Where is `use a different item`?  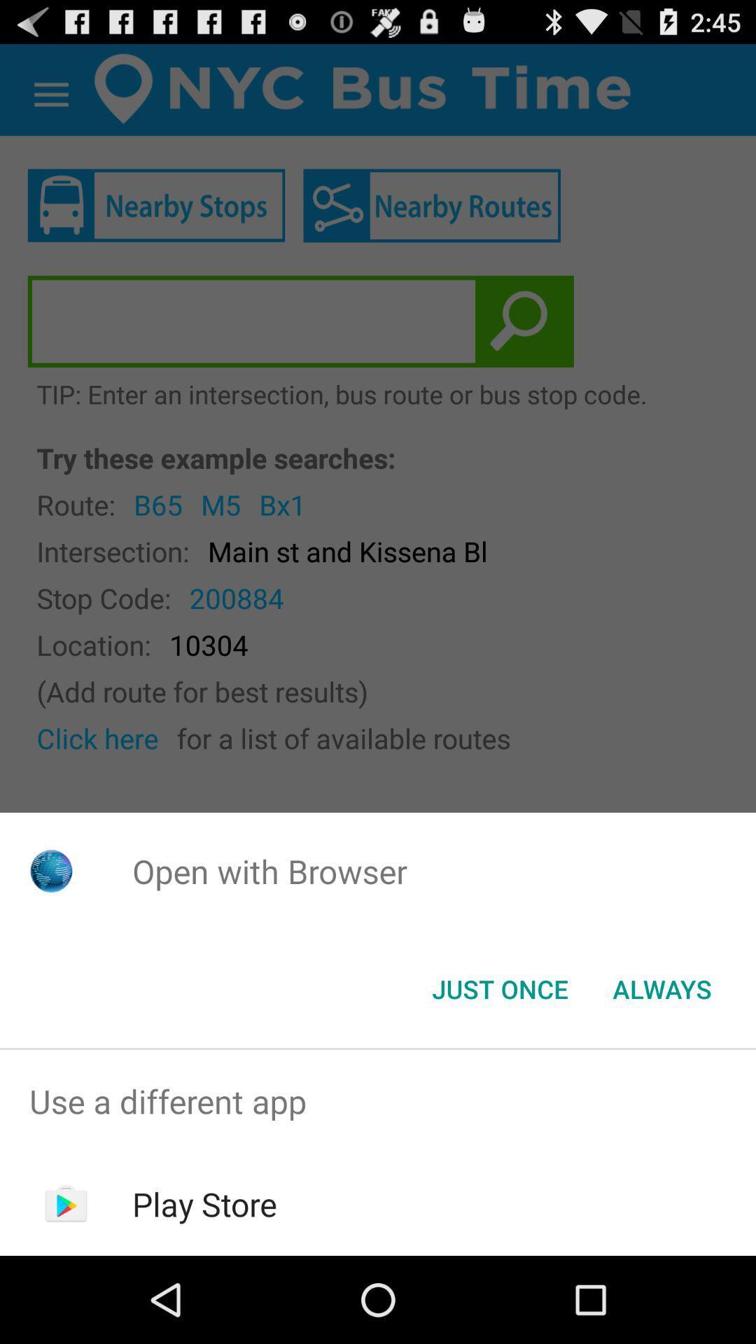 use a different item is located at coordinates (378, 1100).